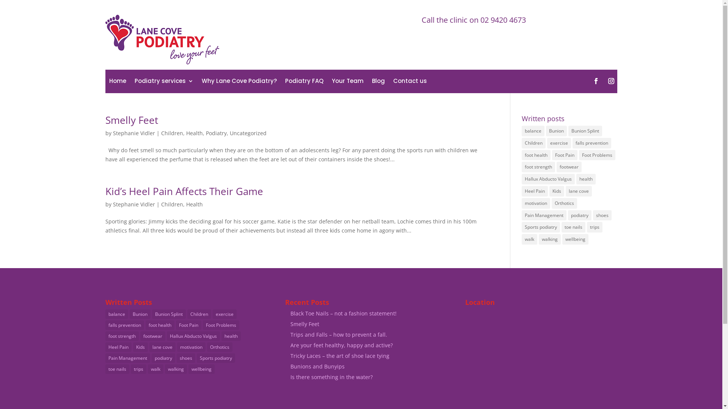  I want to click on 'balance', so click(116, 314).